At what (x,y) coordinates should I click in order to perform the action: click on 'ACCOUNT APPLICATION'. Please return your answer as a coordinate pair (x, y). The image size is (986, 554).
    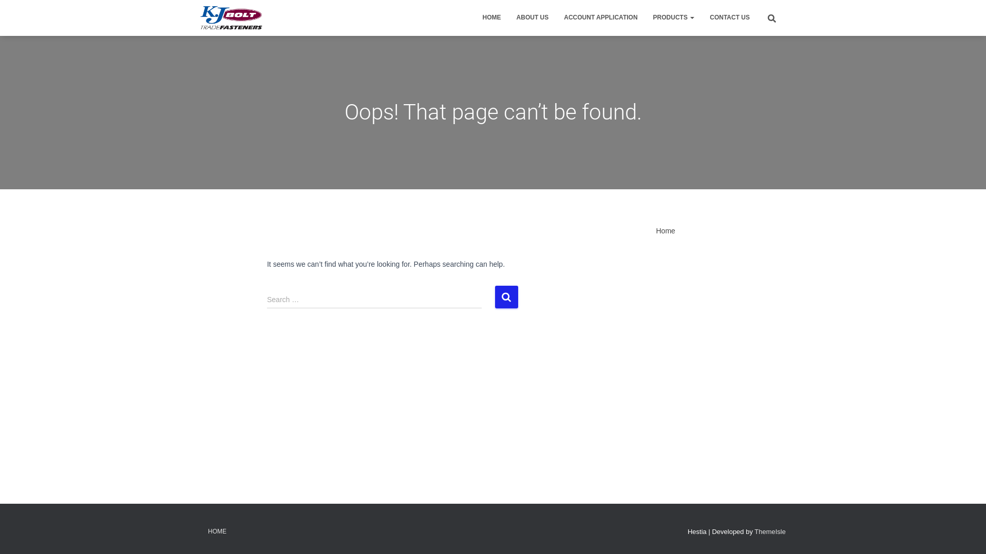
    Looking at the image, I should click on (600, 17).